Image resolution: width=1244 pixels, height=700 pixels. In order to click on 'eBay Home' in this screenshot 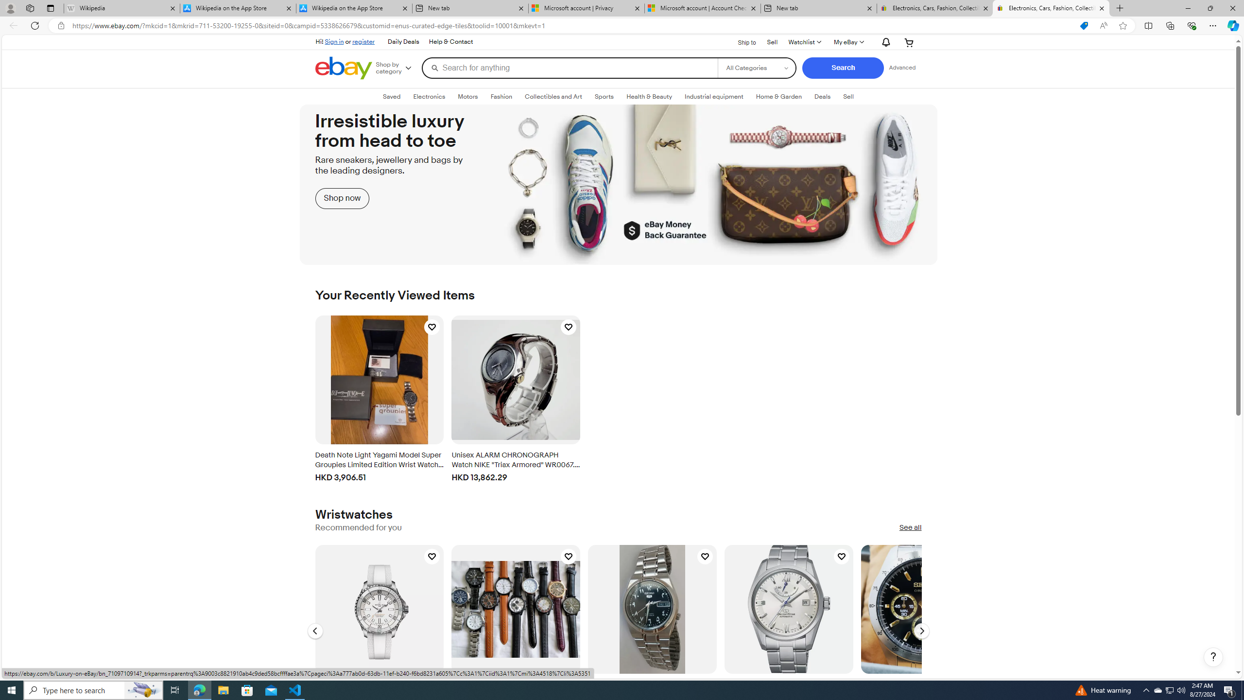, I will do `click(343, 68)`.